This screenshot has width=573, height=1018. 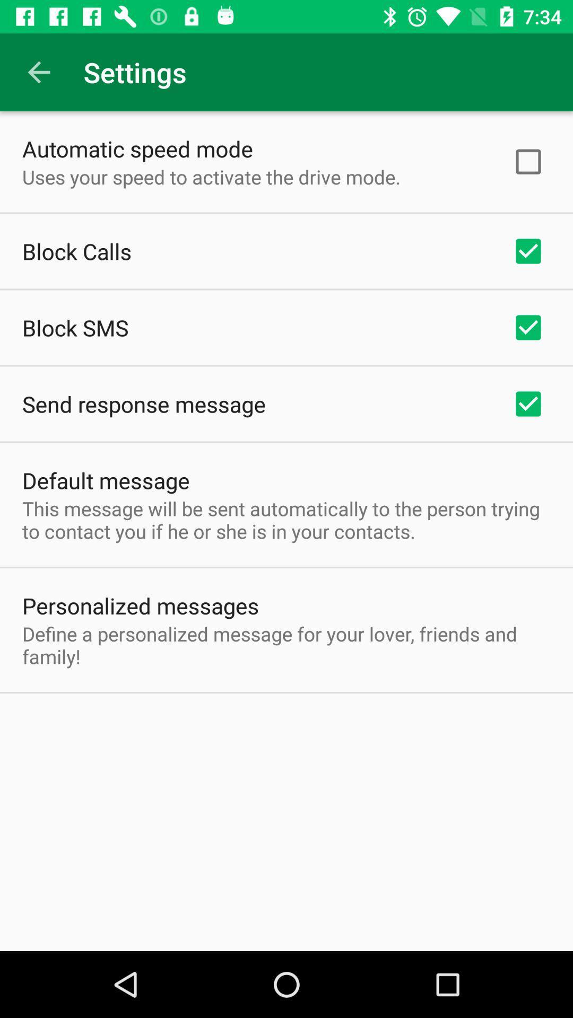 I want to click on item to the left of the settings app, so click(x=38, y=72).